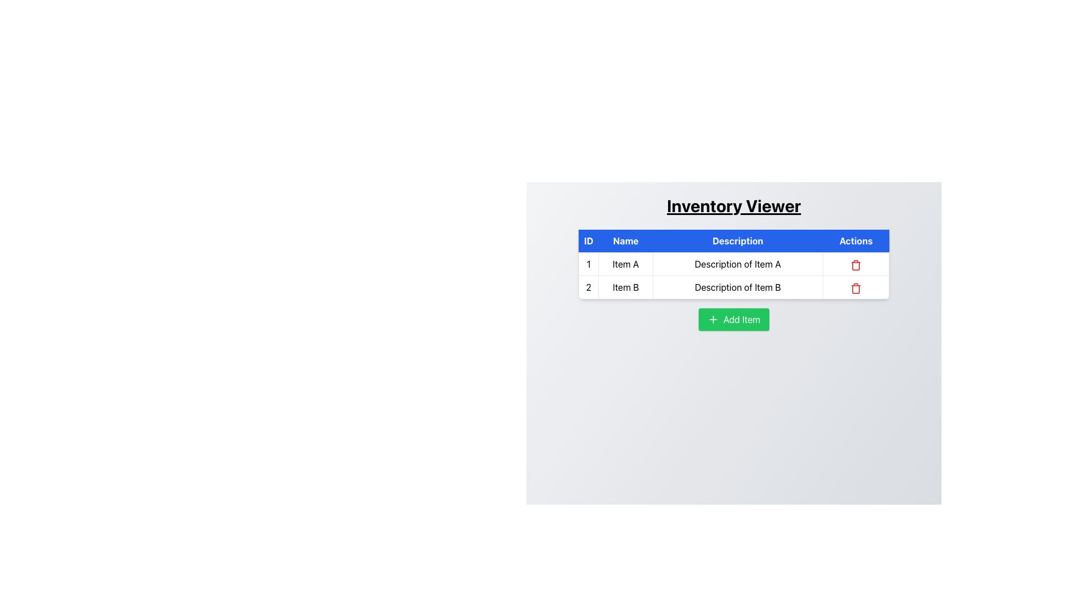  Describe the element at coordinates (588, 287) in the screenshot. I see `the static text element that serves as a label for the second row in the table under the ID column` at that location.